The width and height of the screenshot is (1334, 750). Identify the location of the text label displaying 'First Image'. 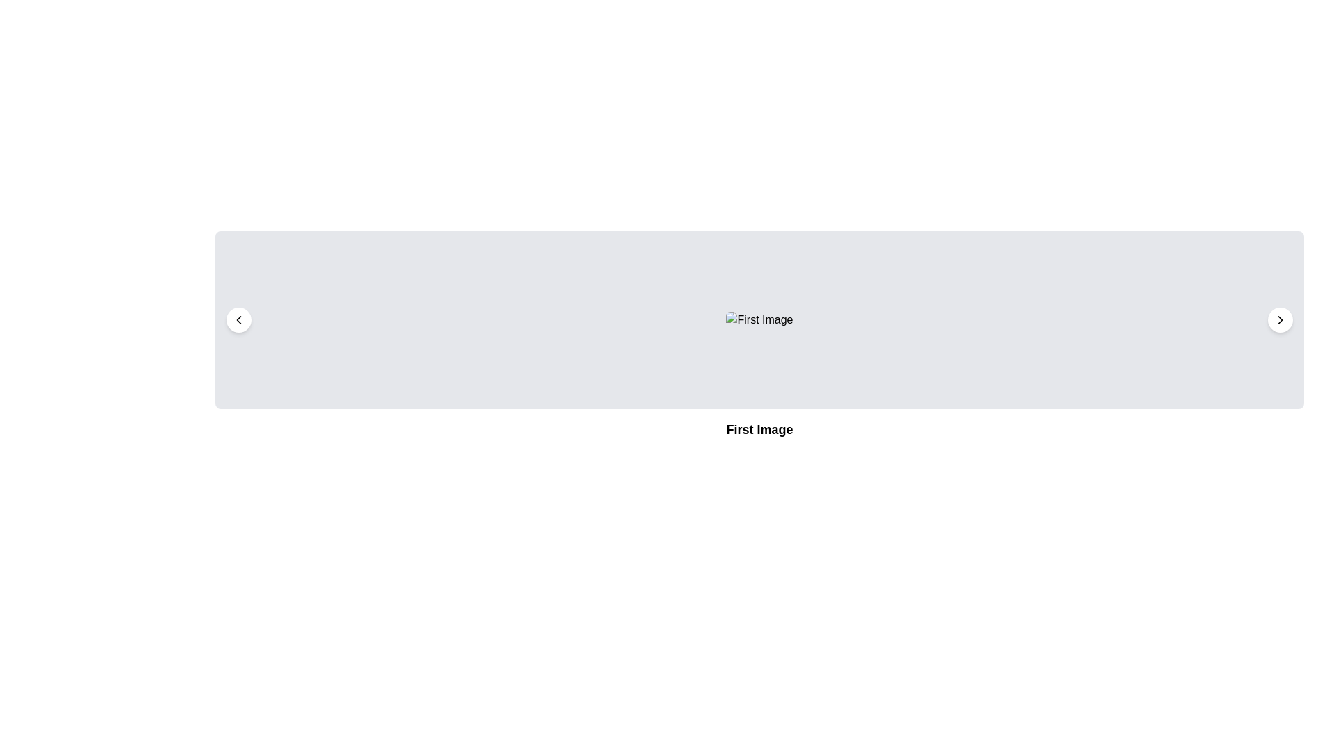
(759, 428).